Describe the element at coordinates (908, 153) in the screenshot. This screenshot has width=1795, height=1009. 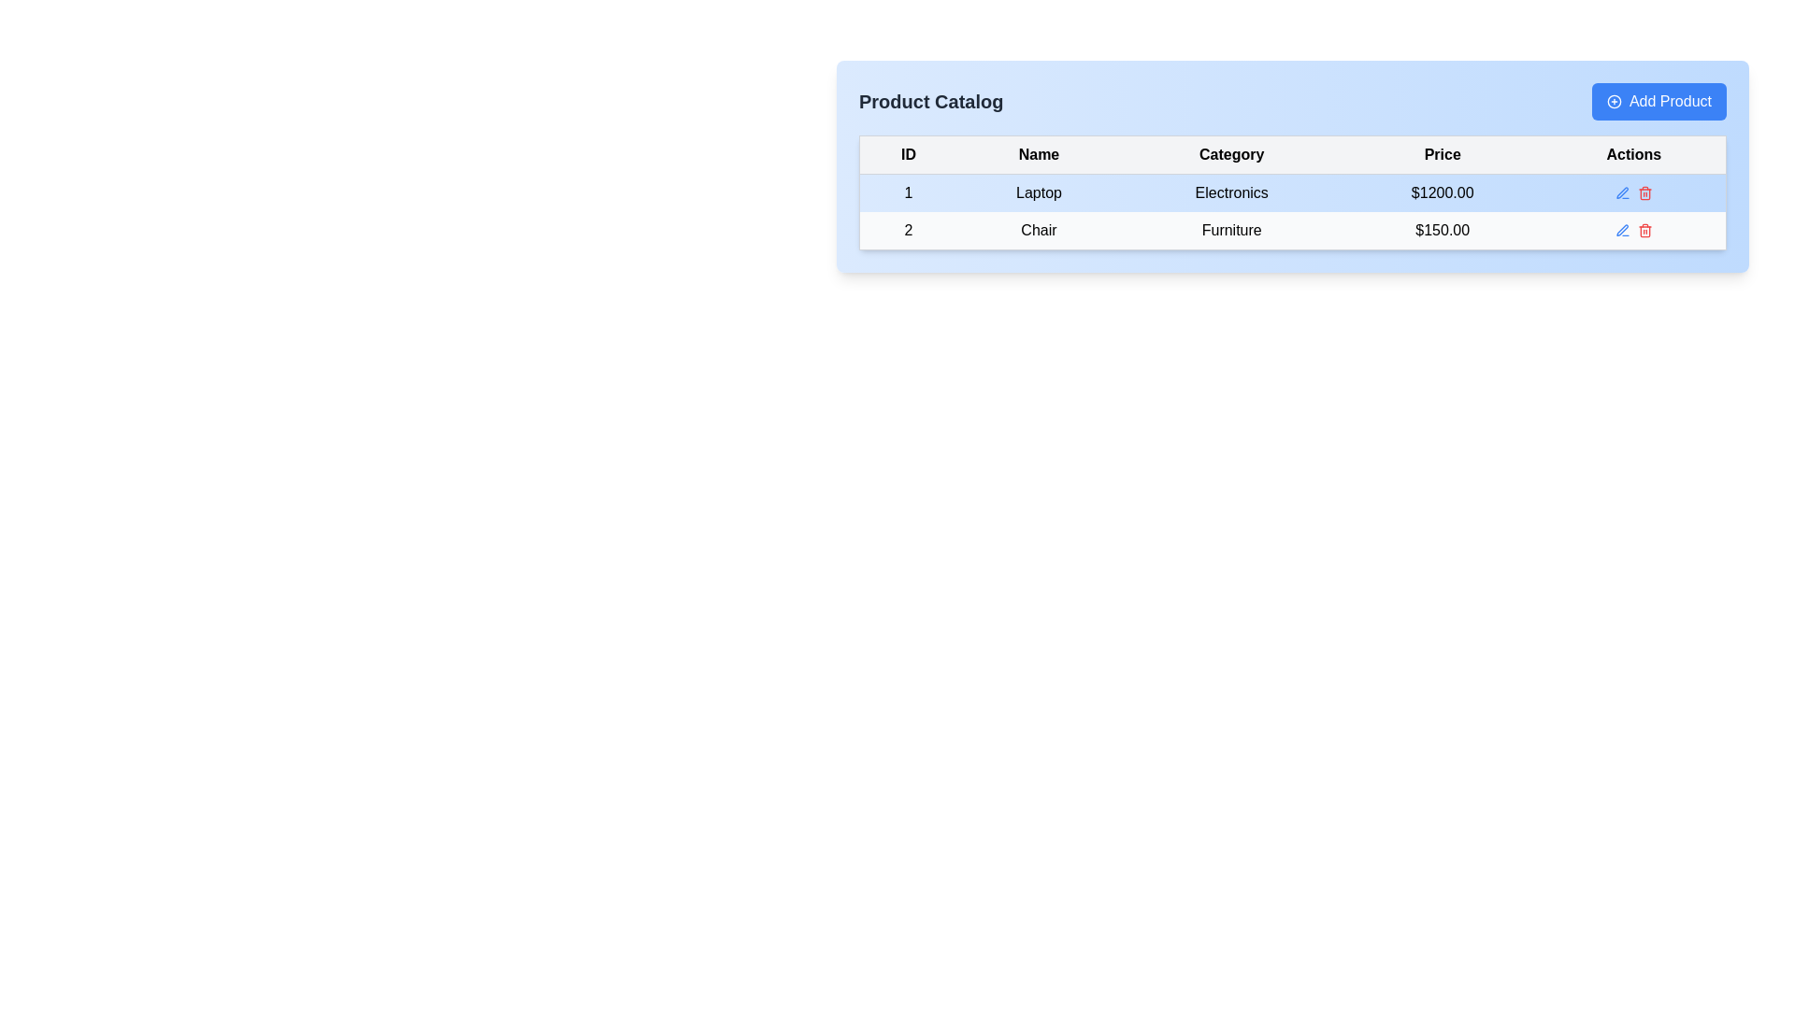
I see `the 'ID' Table Header Cell, which is the first header in the table's header row, styled in bold text and centrally aligned` at that location.